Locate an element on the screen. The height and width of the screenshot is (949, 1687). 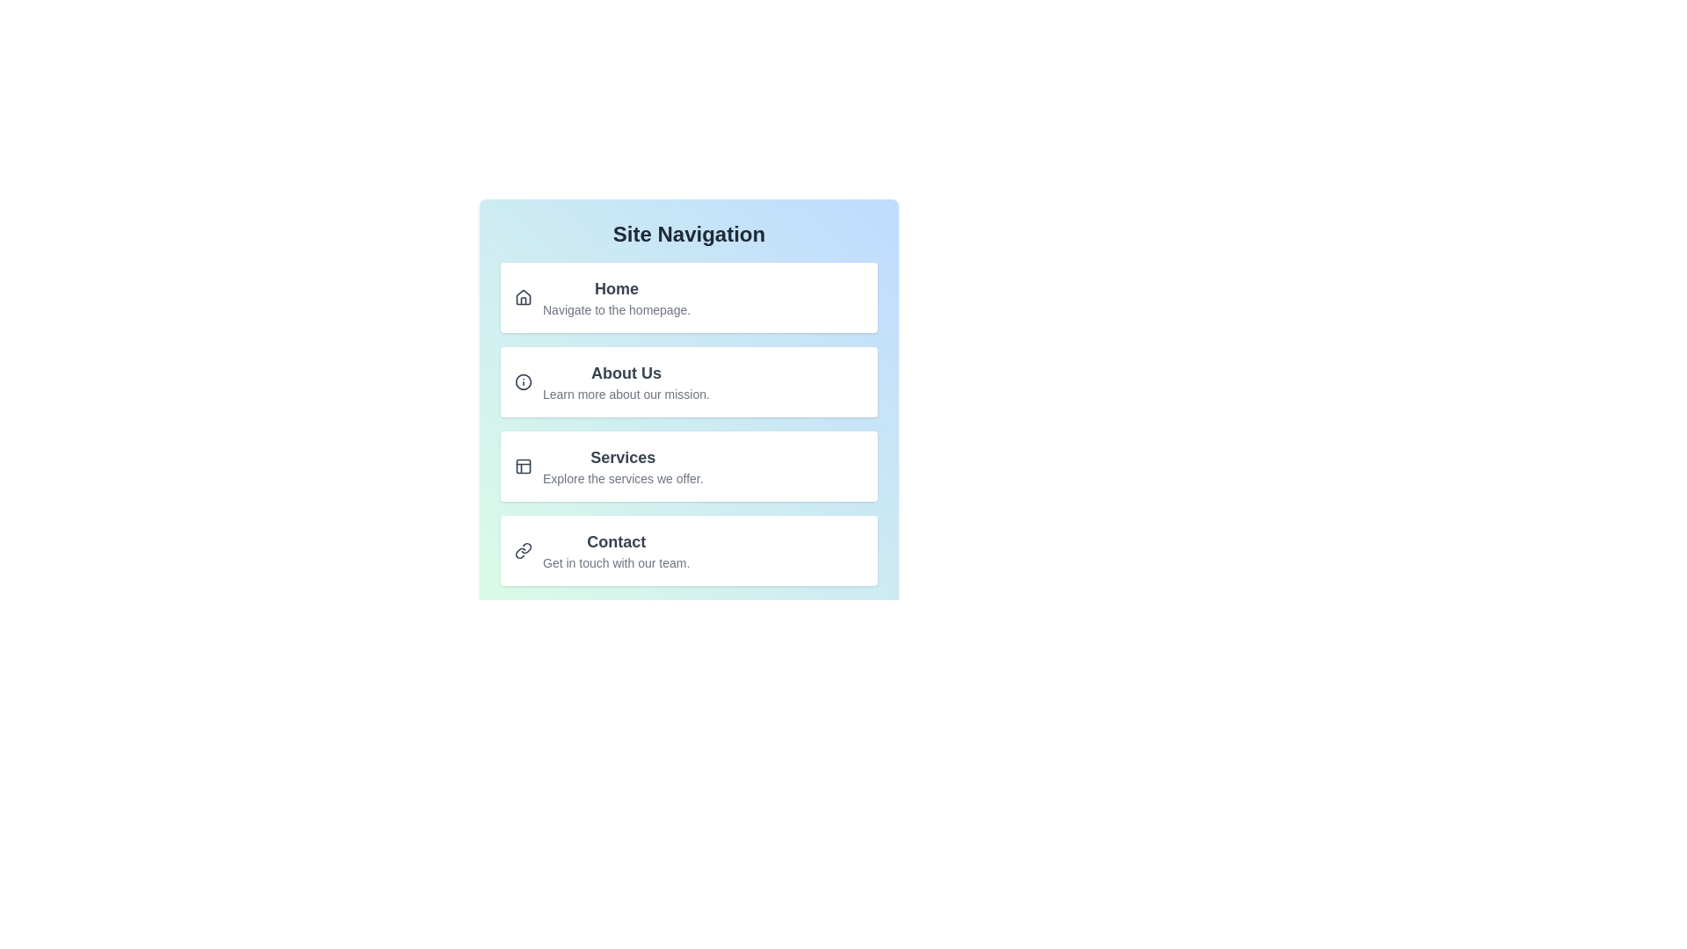
the bold text label 'Home' in the navigation menu, which is centrally aligned and styled for emphasis is located at coordinates (617, 287).